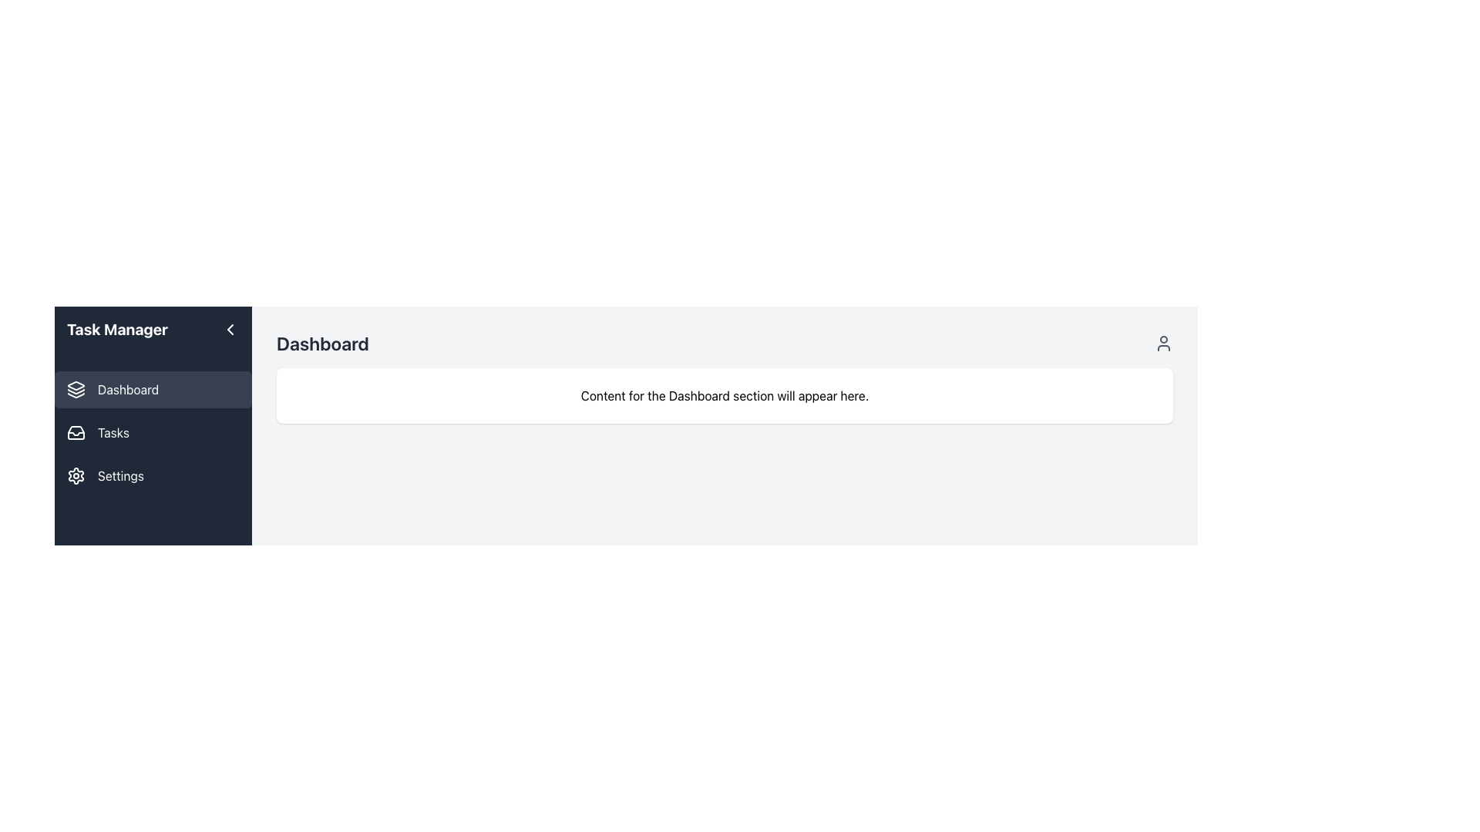 This screenshot has height=832, width=1480. I want to click on the header text label in the Task Manager section located at the top of the left sidebar, so click(116, 329).